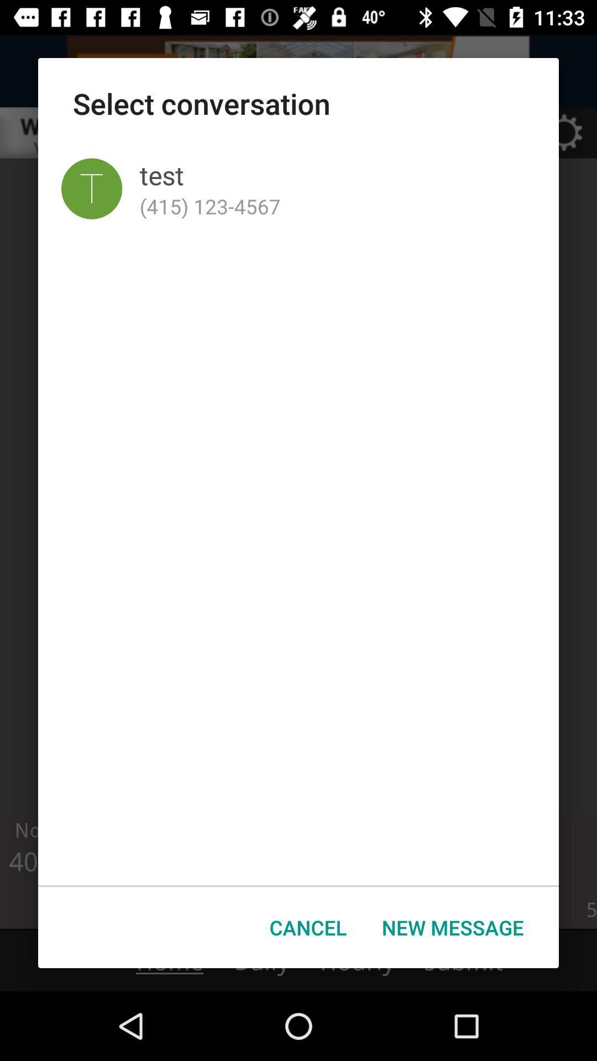 The image size is (597, 1061). Describe the element at coordinates (453, 927) in the screenshot. I see `button at the bottom right corner` at that location.